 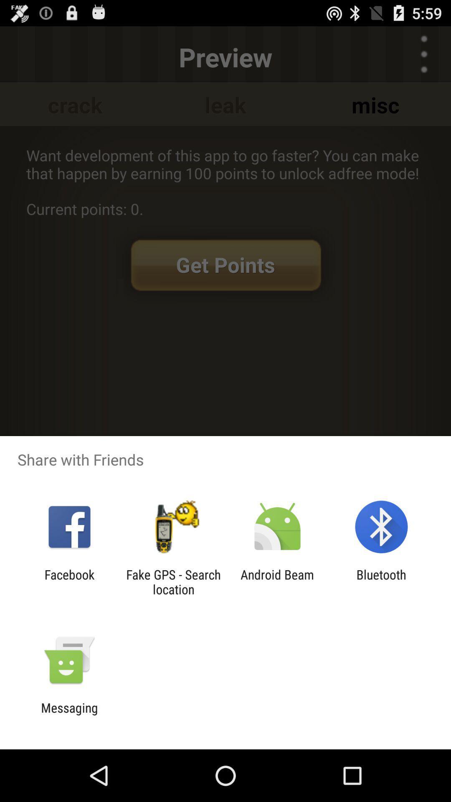 What do you see at coordinates (277, 581) in the screenshot?
I see `the icon to the left of bluetooth icon` at bounding box center [277, 581].